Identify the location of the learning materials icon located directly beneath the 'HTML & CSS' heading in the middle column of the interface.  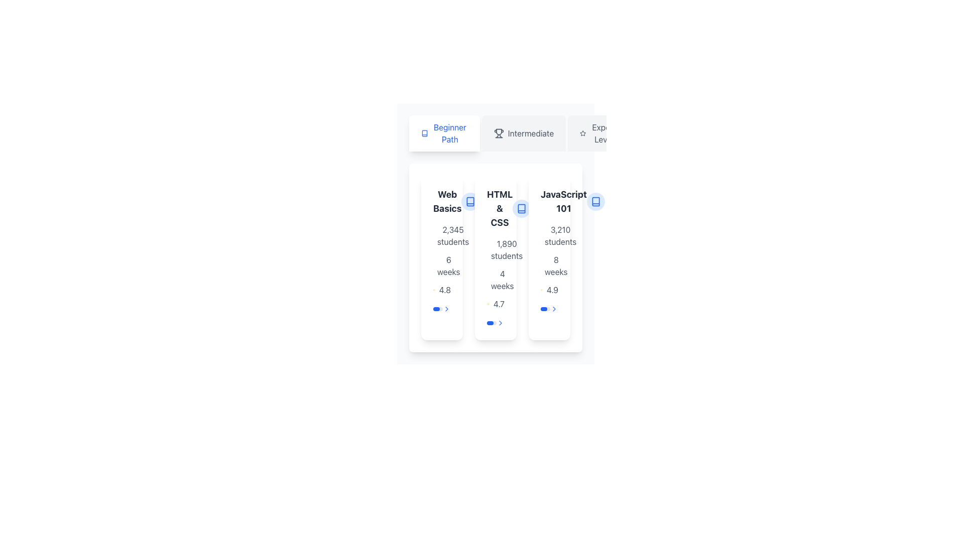
(522, 208).